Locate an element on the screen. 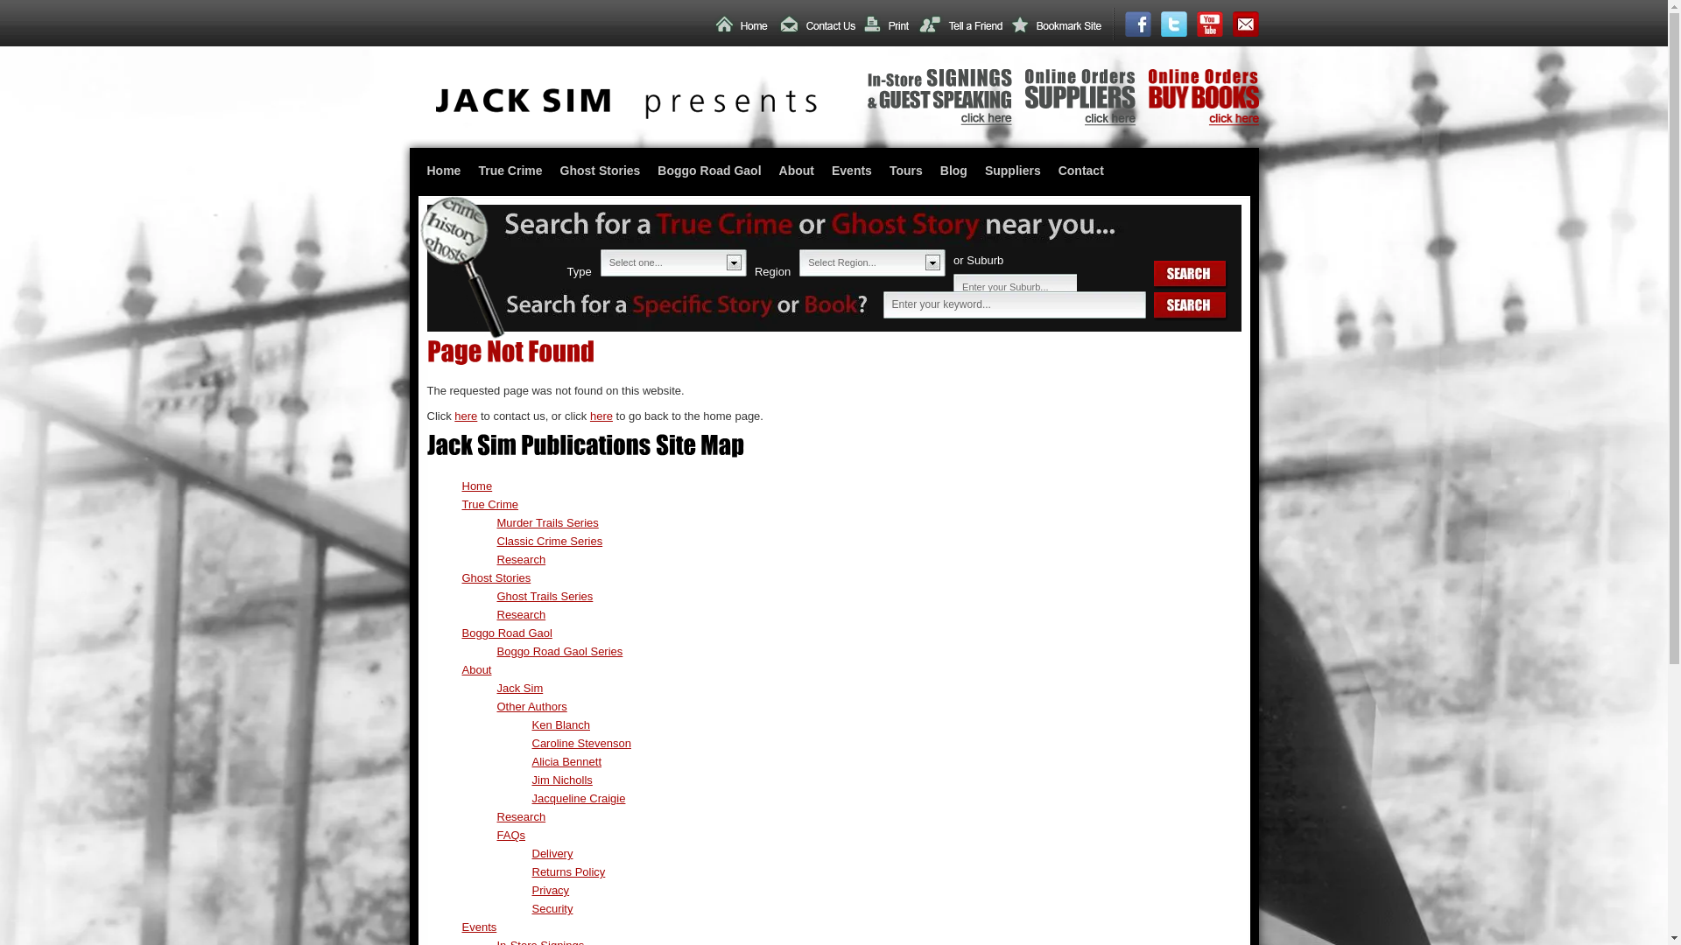 The height and width of the screenshot is (945, 1681). 'True Crime' is located at coordinates (509, 171).